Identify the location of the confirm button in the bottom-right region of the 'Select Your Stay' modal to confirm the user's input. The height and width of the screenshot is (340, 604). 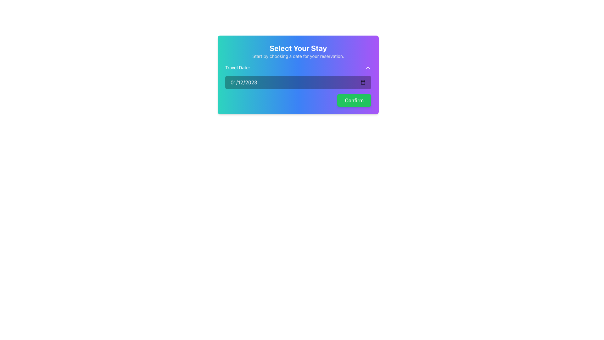
(354, 100).